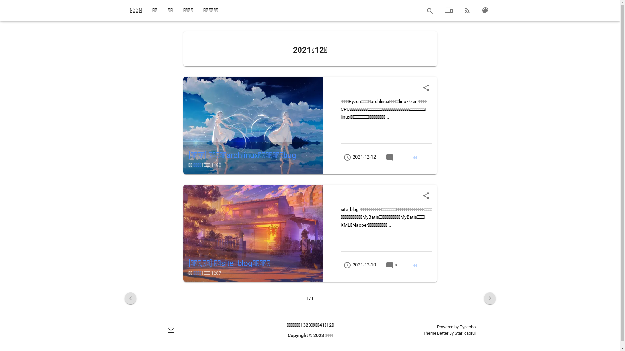 The width and height of the screenshot is (625, 351). I want to click on 'Typecho', so click(467, 327).